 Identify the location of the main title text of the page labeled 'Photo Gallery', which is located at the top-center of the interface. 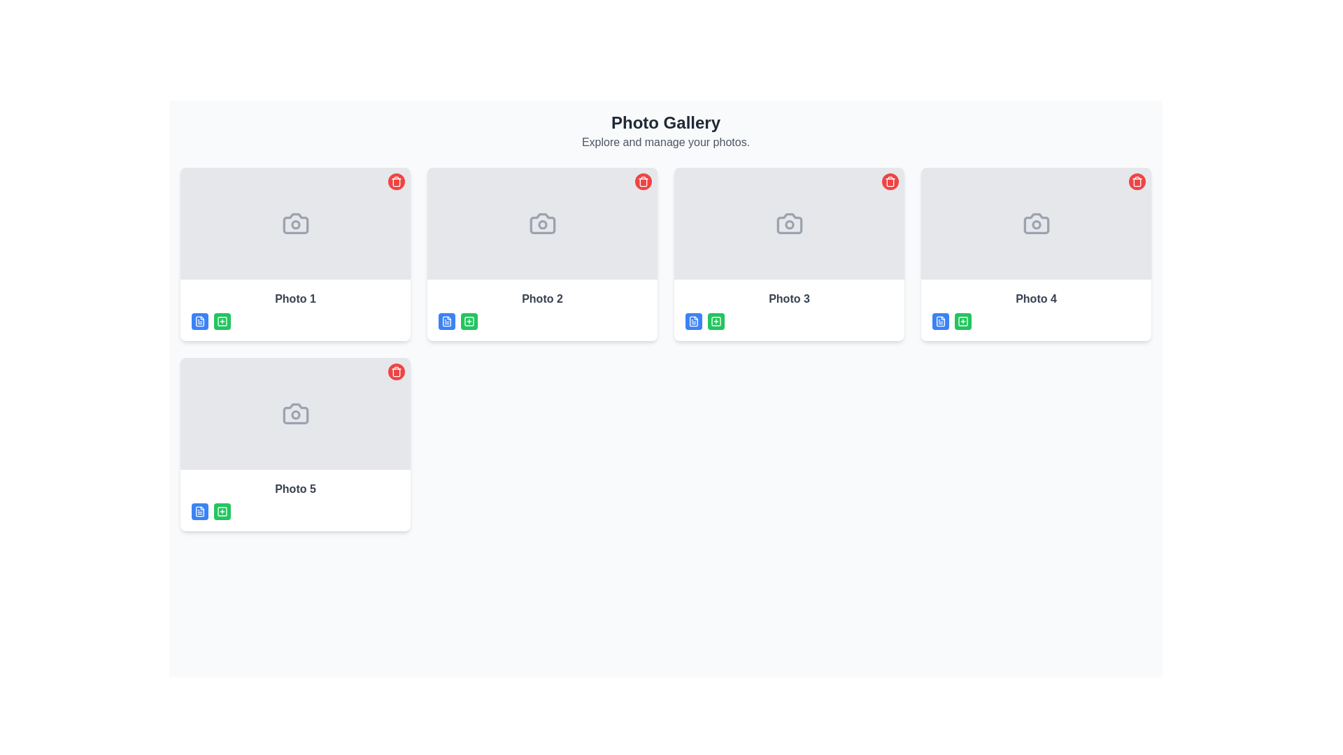
(665, 122).